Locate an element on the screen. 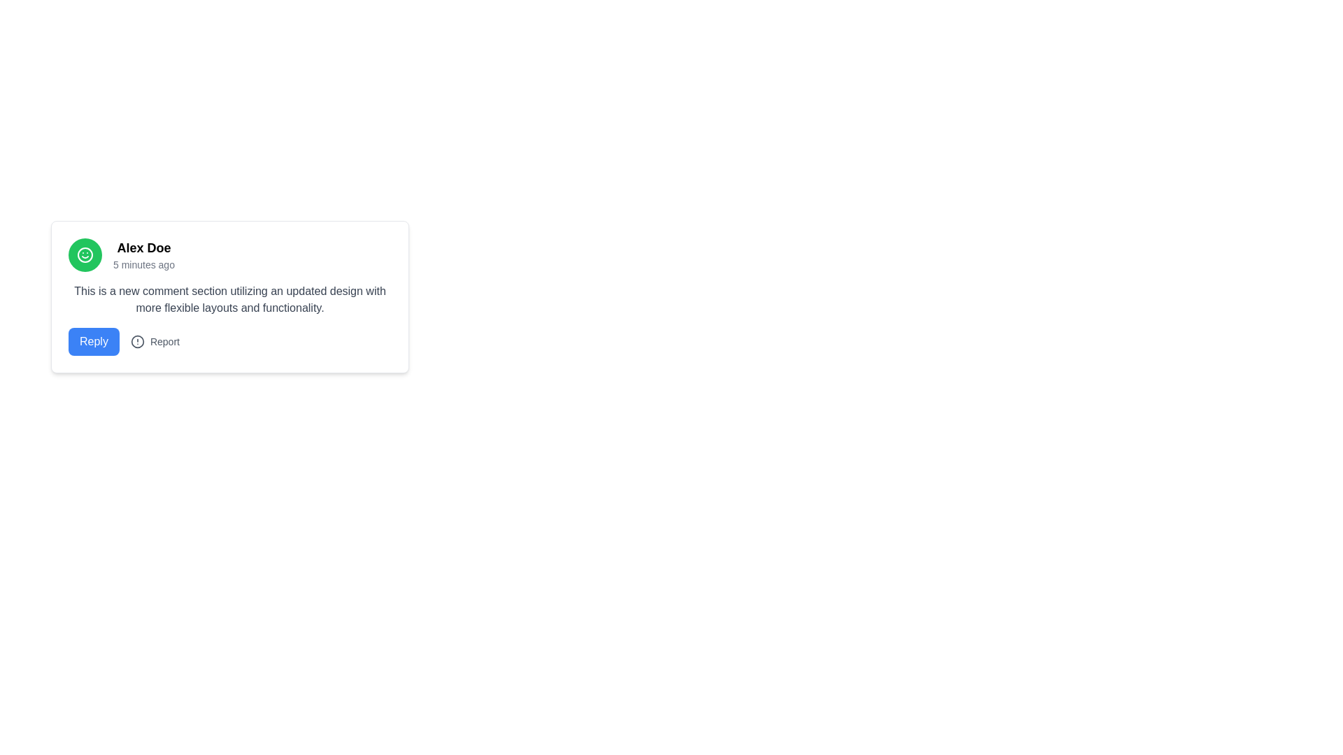 The height and width of the screenshot is (755, 1343). the avatar icon is located at coordinates (84, 255).